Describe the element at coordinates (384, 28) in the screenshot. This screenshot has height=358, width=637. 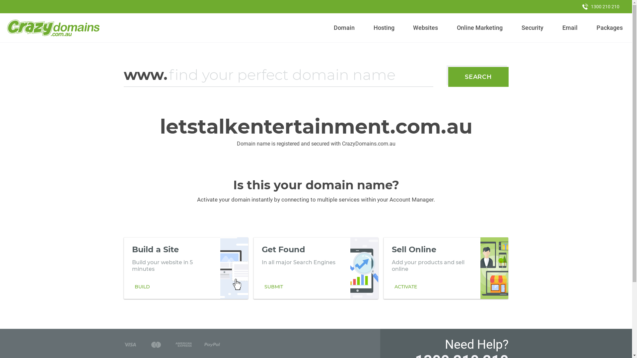
I see `'Hosting'` at that location.